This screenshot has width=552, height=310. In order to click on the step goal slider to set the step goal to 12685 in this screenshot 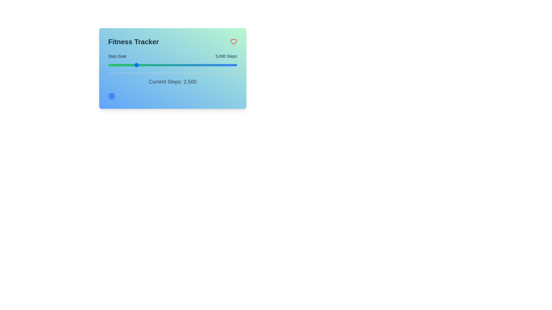, I will do `click(187, 65)`.